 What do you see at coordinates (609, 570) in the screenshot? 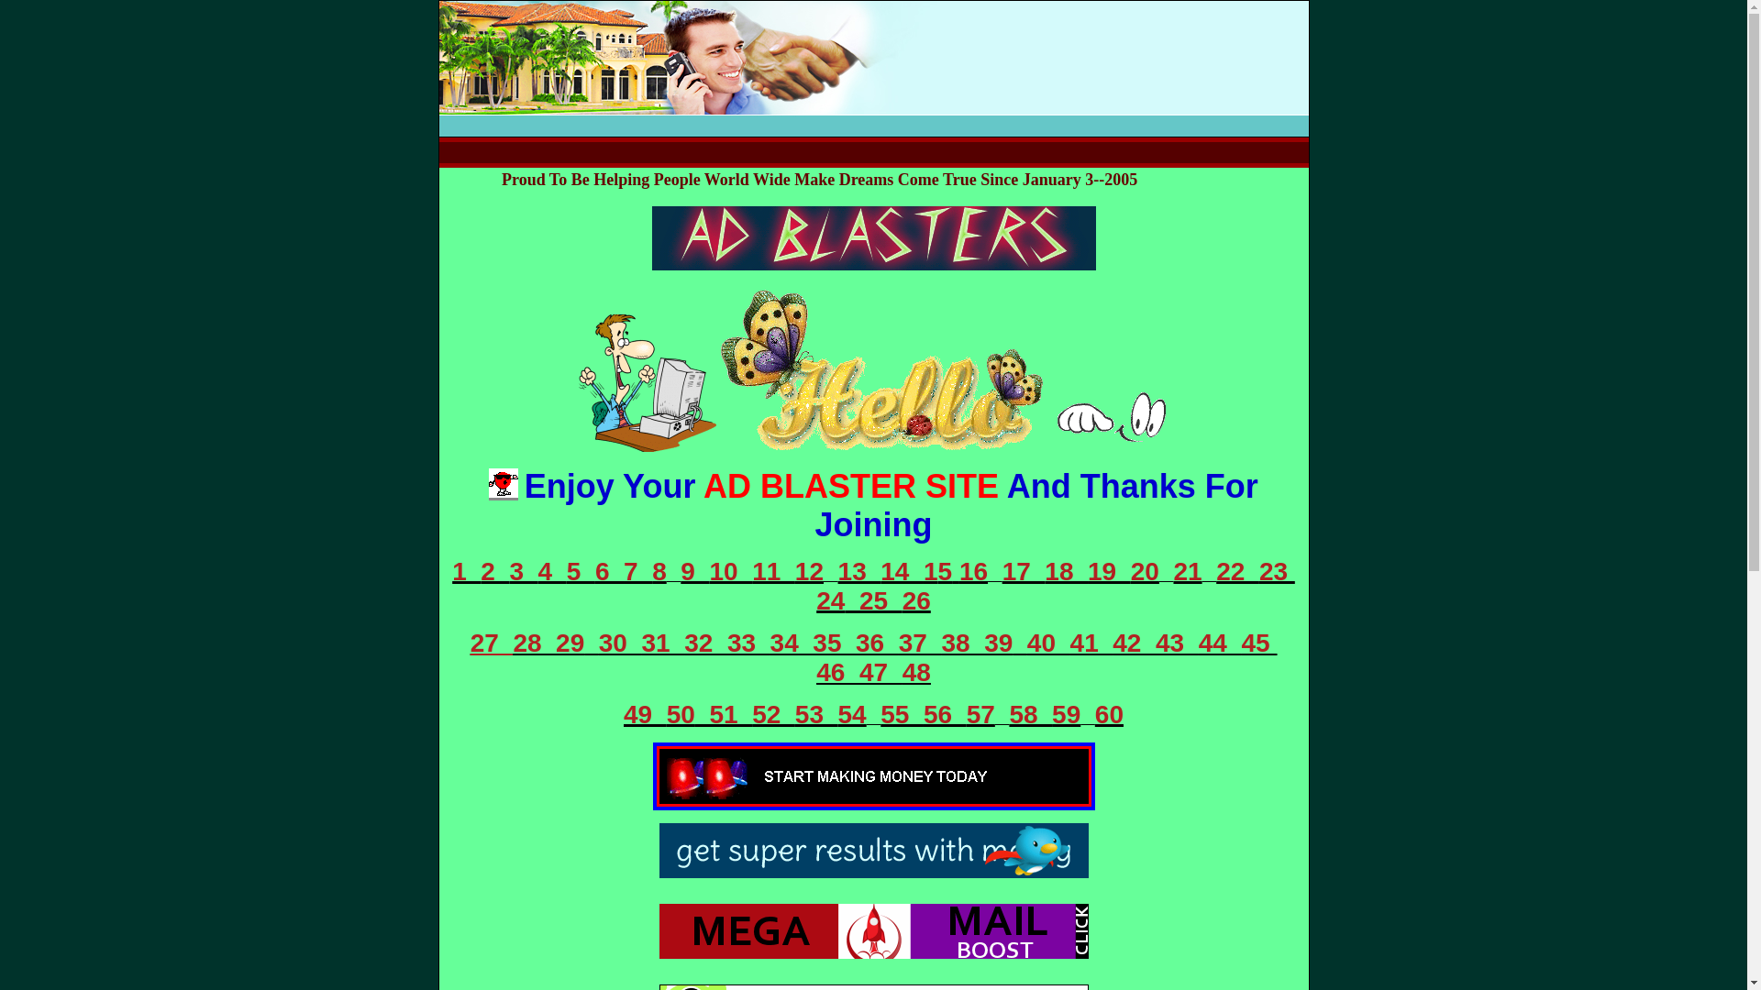
I see `'6 '` at bounding box center [609, 570].